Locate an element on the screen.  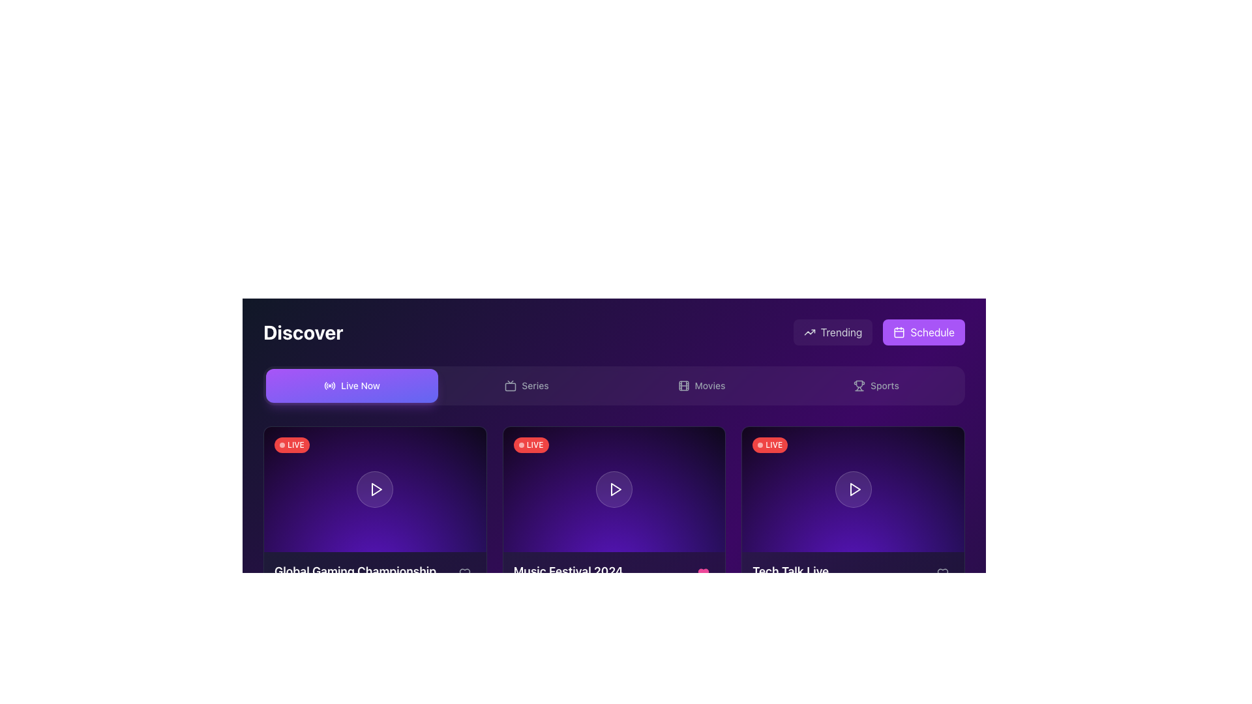
the 'Live' button located in the 'Discover' section of the navigation bar is located at coordinates (351, 385).